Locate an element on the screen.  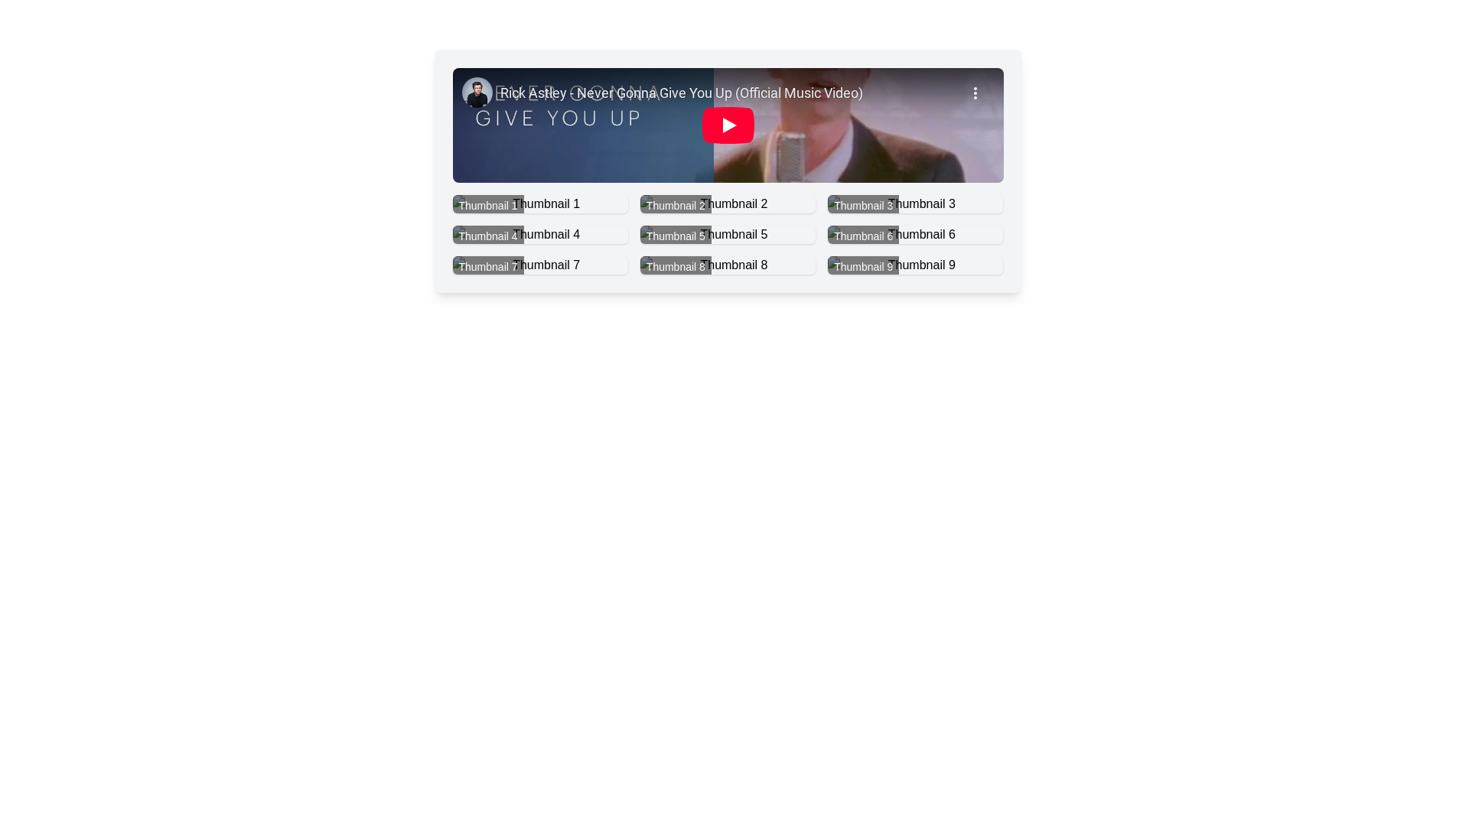
the informational label indicating 'Thumbnail 9', which is located in the ninth position of the thumbnail grid is located at coordinates (863, 265).